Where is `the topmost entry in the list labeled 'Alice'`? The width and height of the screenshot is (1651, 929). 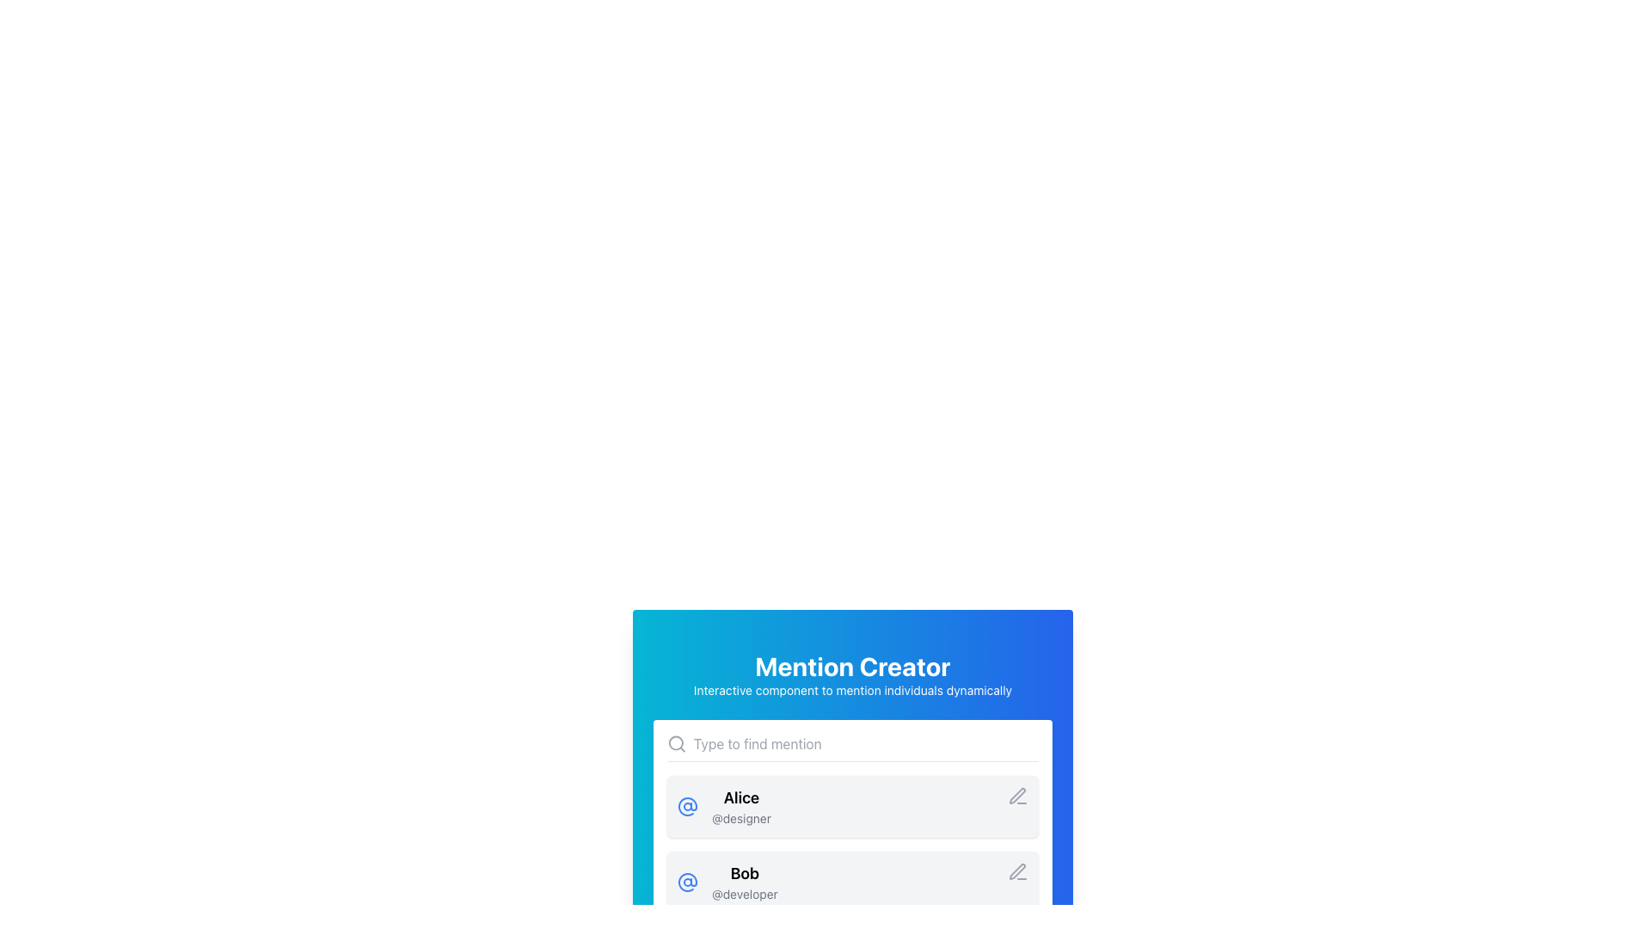
the topmost entry in the list labeled 'Alice' is located at coordinates (853, 806).